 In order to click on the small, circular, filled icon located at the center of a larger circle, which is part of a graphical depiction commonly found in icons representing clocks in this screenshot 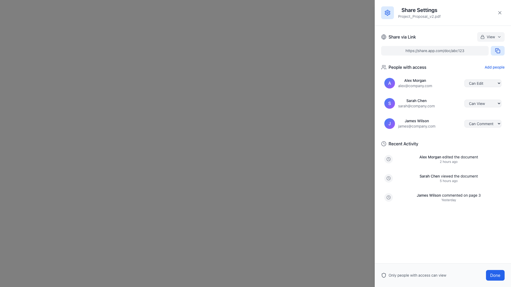, I will do `click(388, 178)`.